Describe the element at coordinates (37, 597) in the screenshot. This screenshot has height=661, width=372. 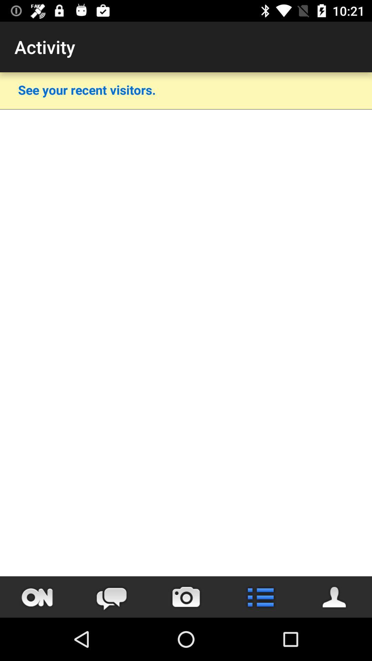
I see `navigate the app` at that location.